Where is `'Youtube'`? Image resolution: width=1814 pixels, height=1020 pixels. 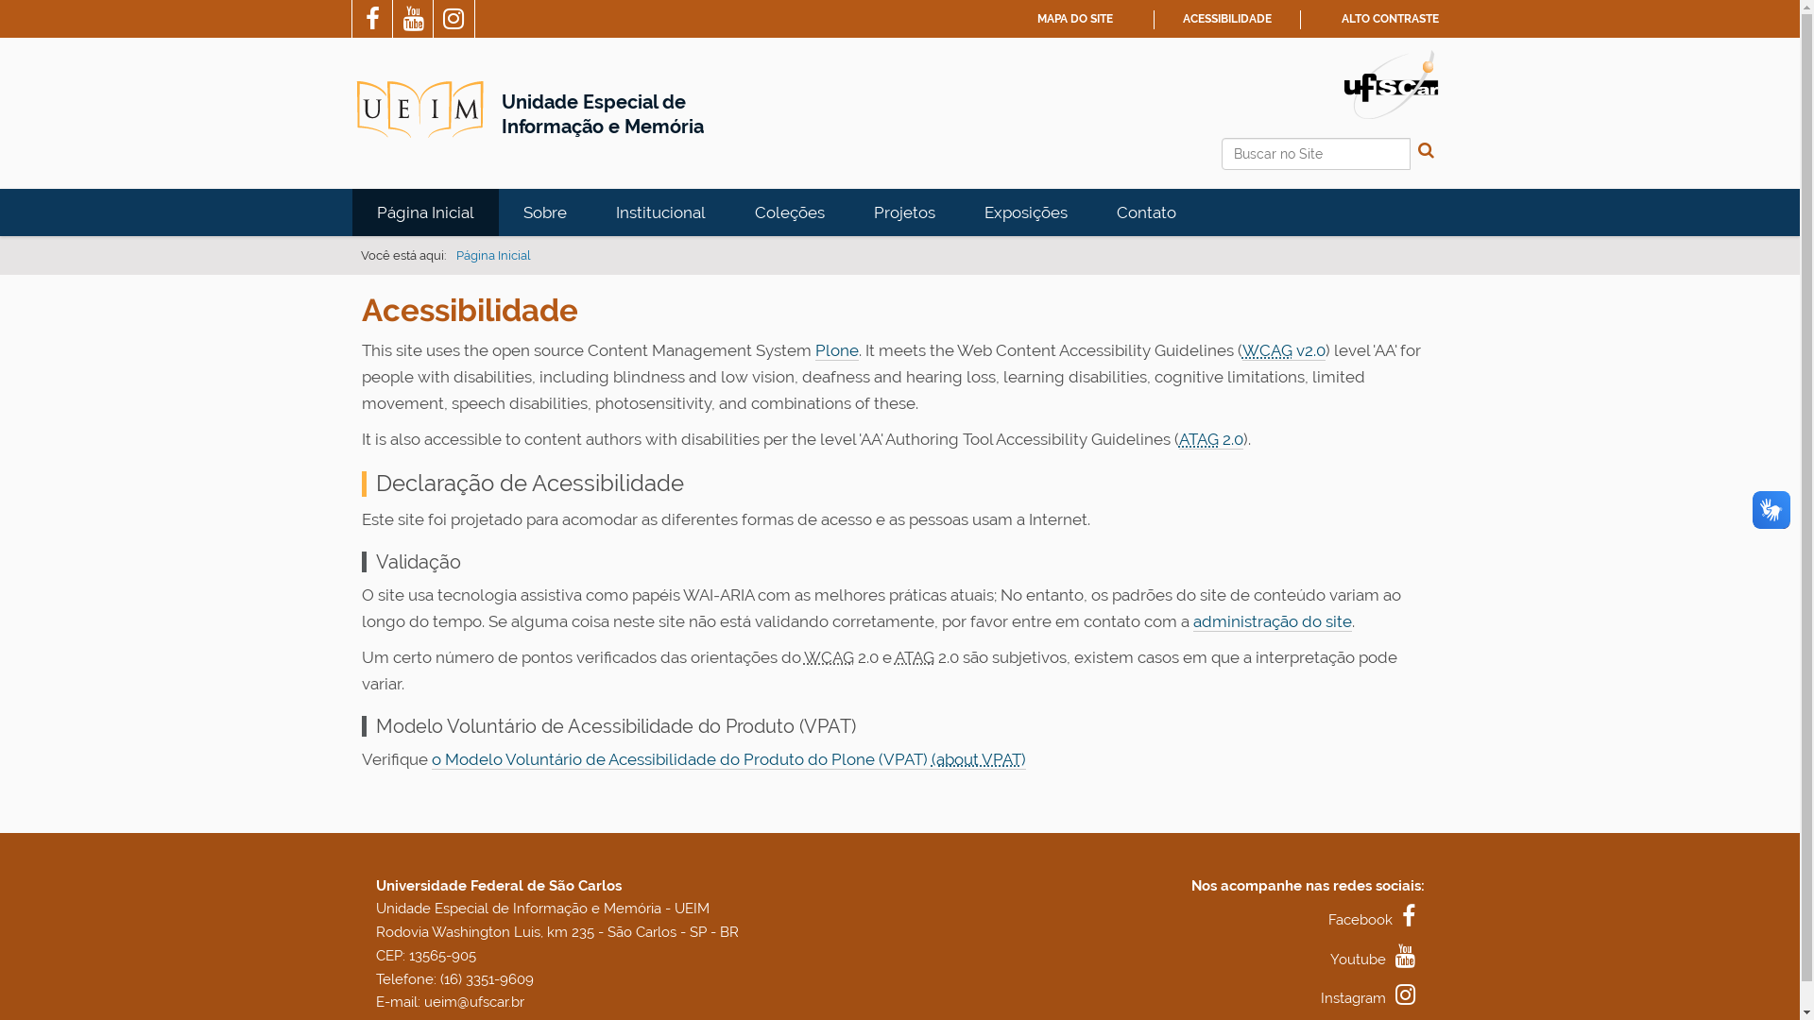 'Youtube' is located at coordinates (1378, 959).